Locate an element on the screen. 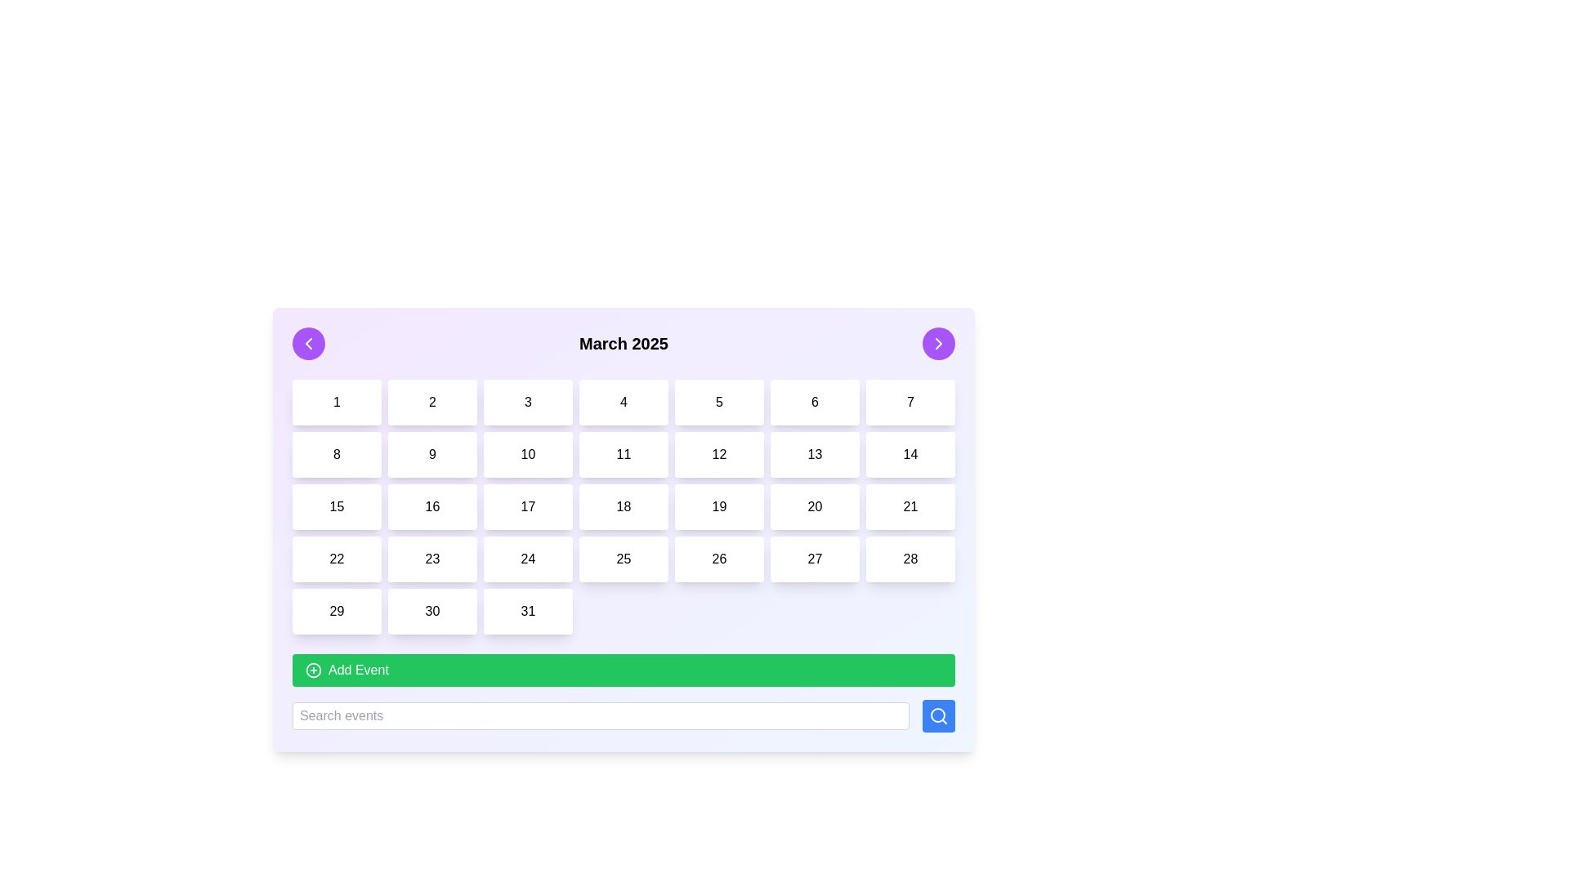  the Calendar Day Tile displaying the number '18' is located at coordinates (623, 506).